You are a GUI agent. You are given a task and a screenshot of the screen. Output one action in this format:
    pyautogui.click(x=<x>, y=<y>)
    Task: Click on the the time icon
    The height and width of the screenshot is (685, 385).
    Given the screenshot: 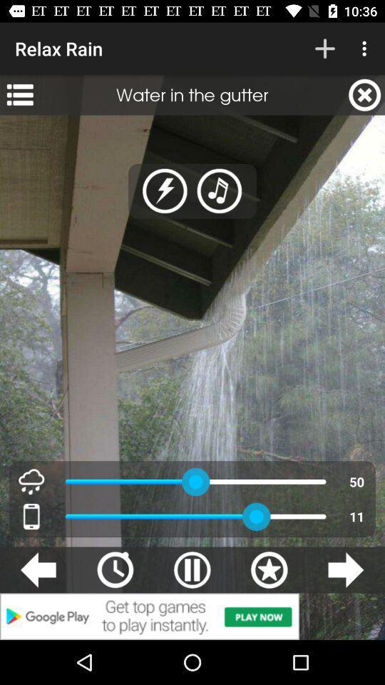 What is the action you would take?
    pyautogui.click(x=114, y=569)
    